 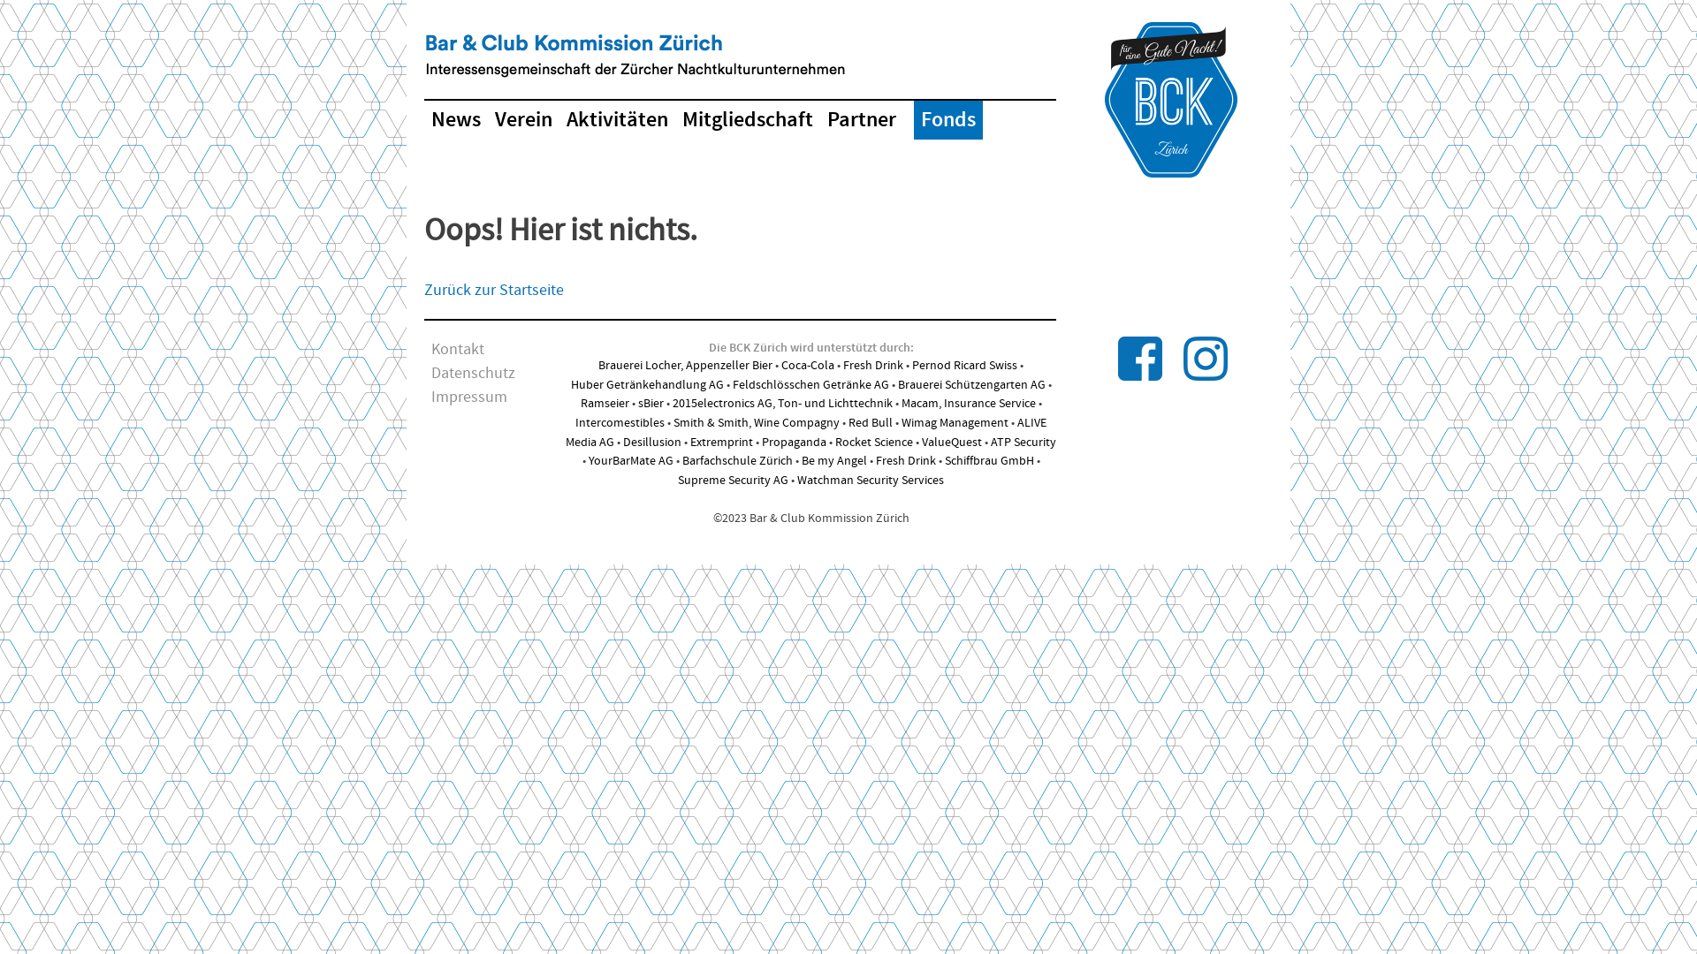 I want to click on 'Desillusion', so click(x=623, y=442).